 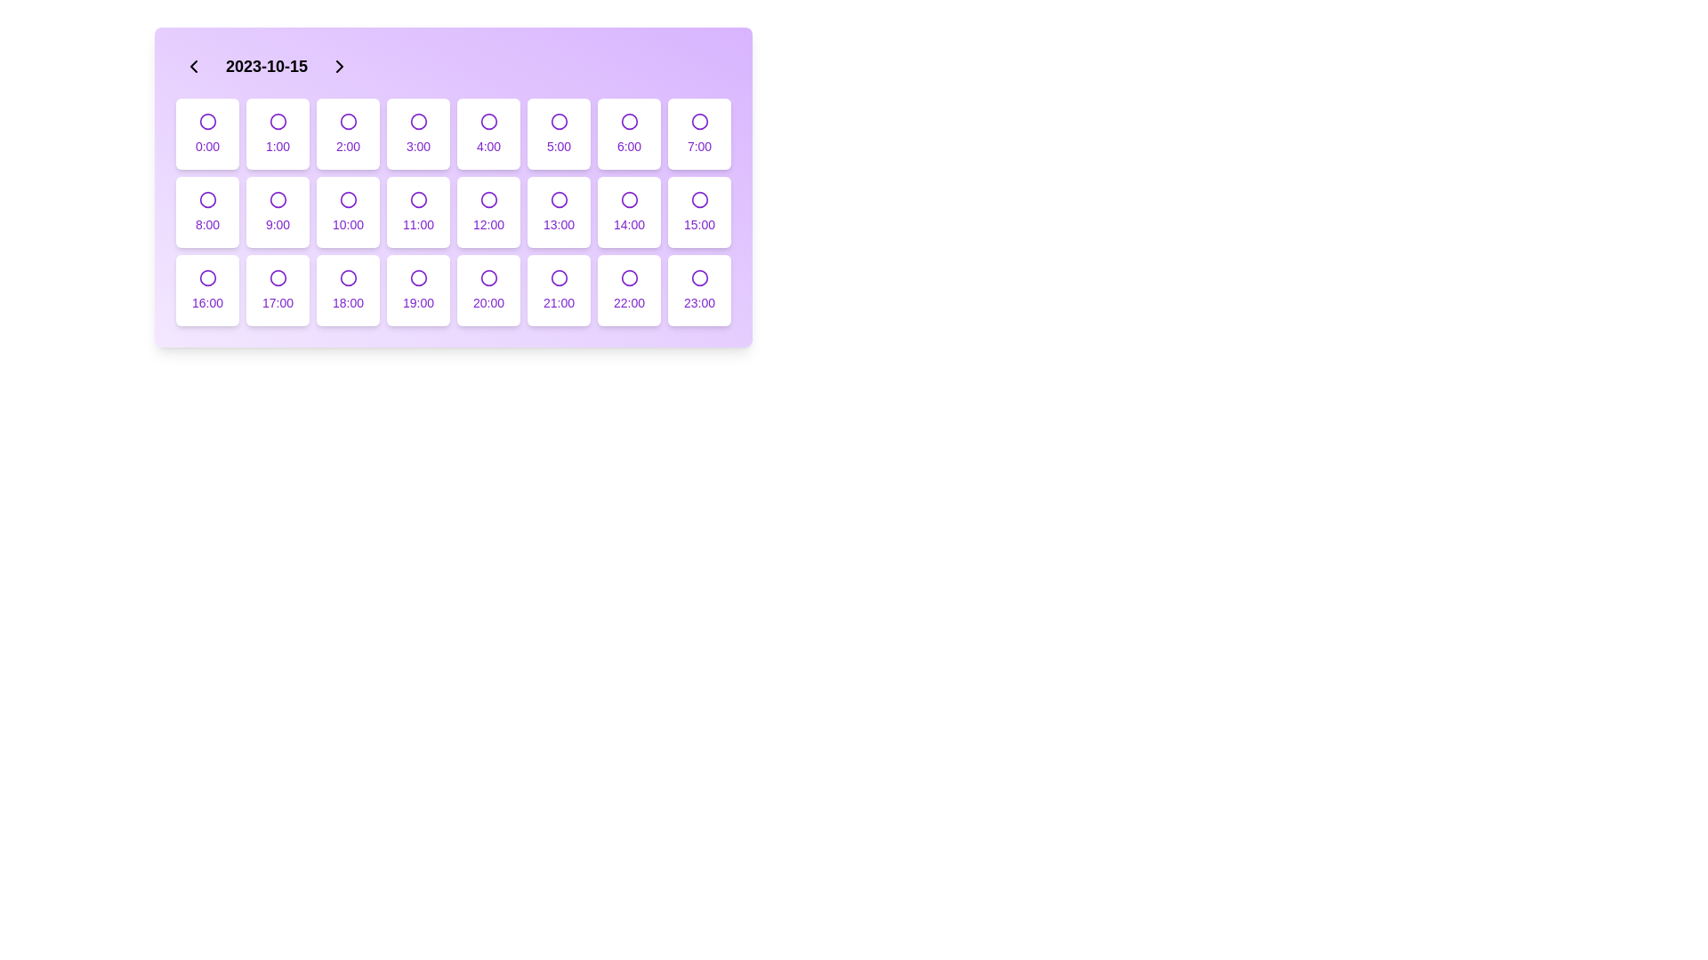 I want to click on the selectable time slot button displaying '14:00' located in the third row, fourth column of the grid layout, so click(x=629, y=212).